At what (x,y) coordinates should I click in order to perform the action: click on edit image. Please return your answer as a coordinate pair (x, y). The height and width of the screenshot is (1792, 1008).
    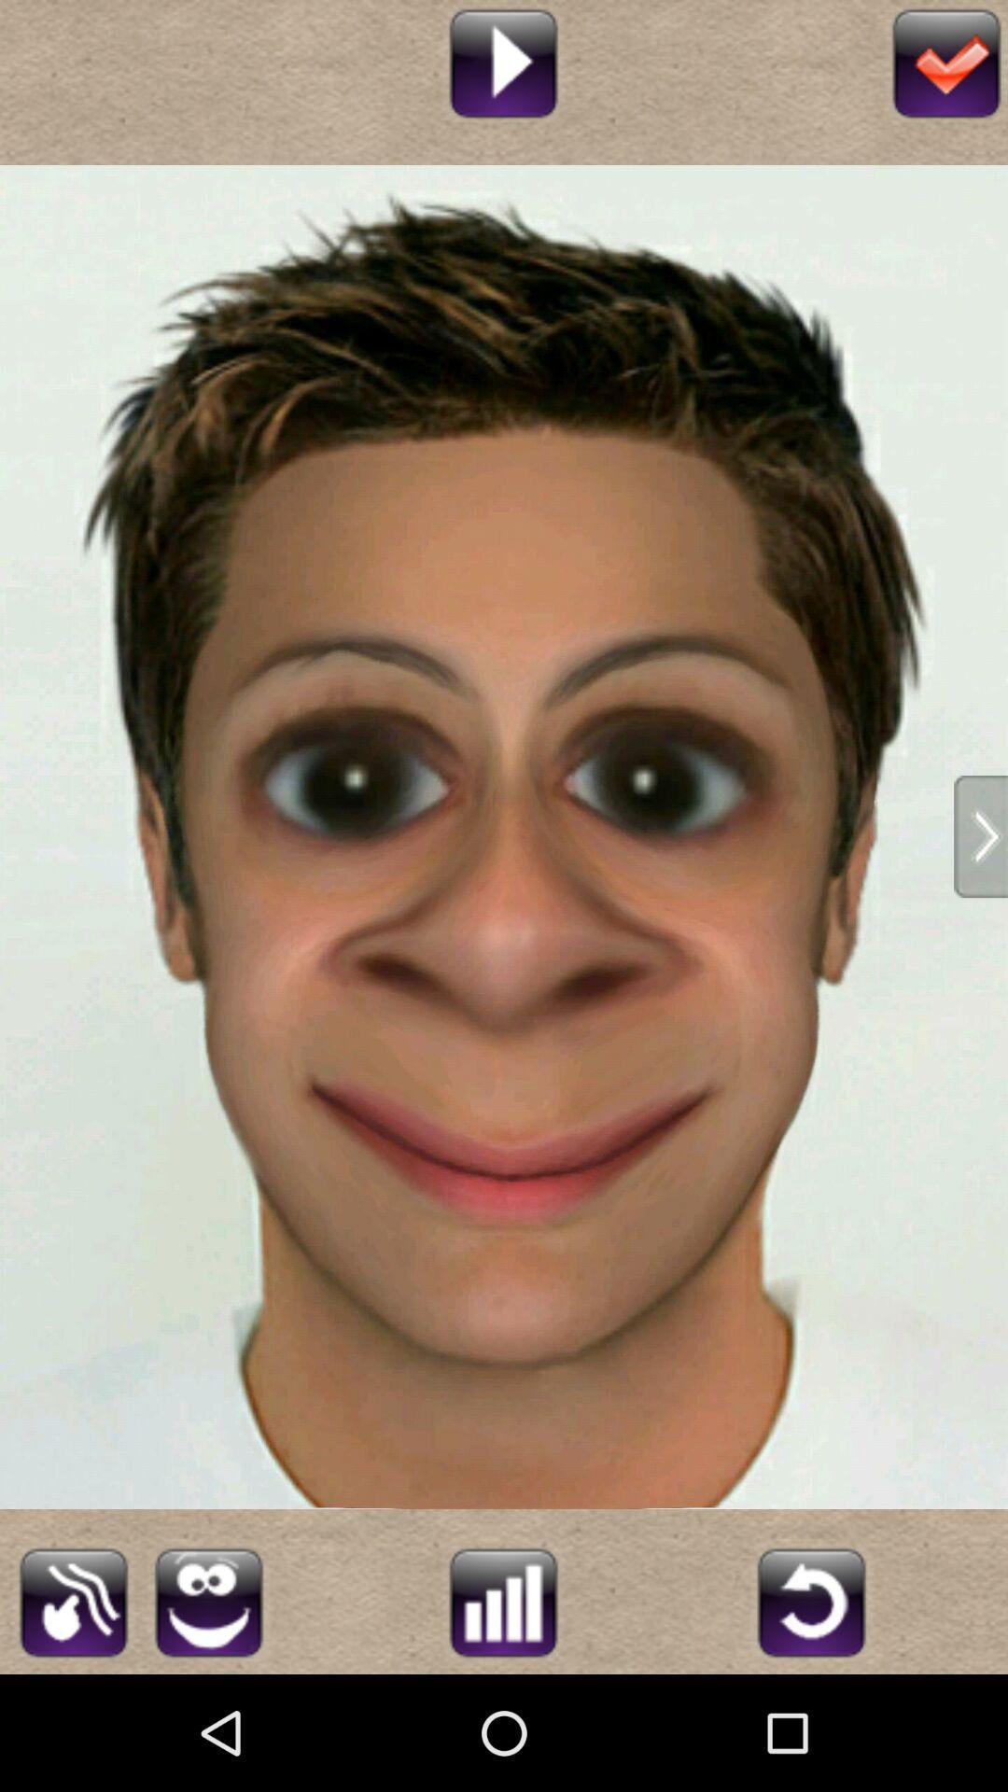
    Looking at the image, I should click on (73, 1599).